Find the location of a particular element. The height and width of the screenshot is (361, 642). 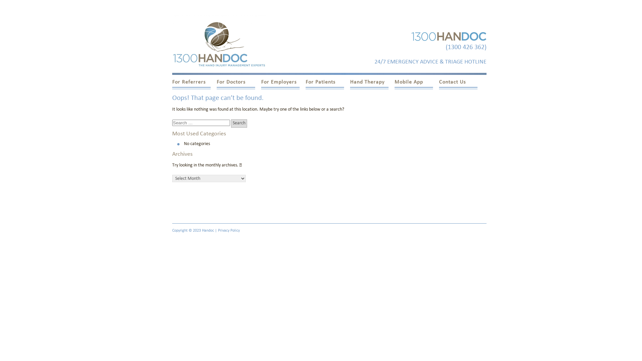

'Hand Therapy' is located at coordinates (349, 84).